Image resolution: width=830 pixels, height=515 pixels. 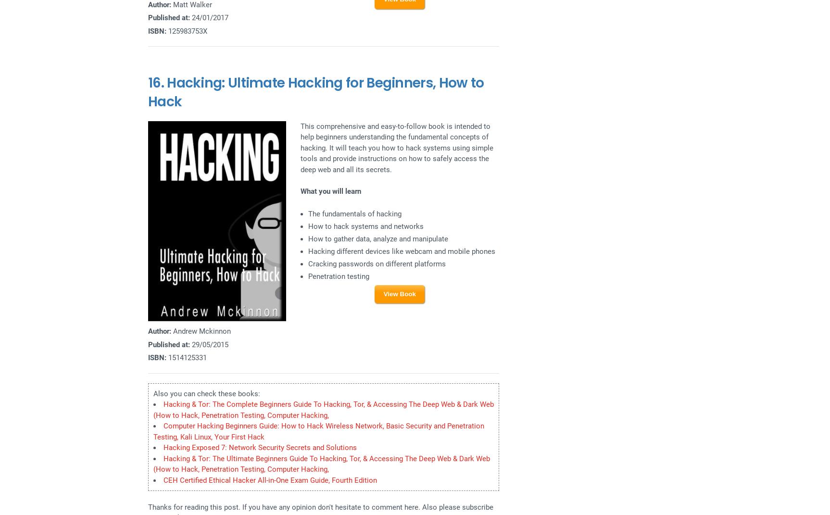 I want to click on 'Also you can check these books:', so click(x=206, y=393).